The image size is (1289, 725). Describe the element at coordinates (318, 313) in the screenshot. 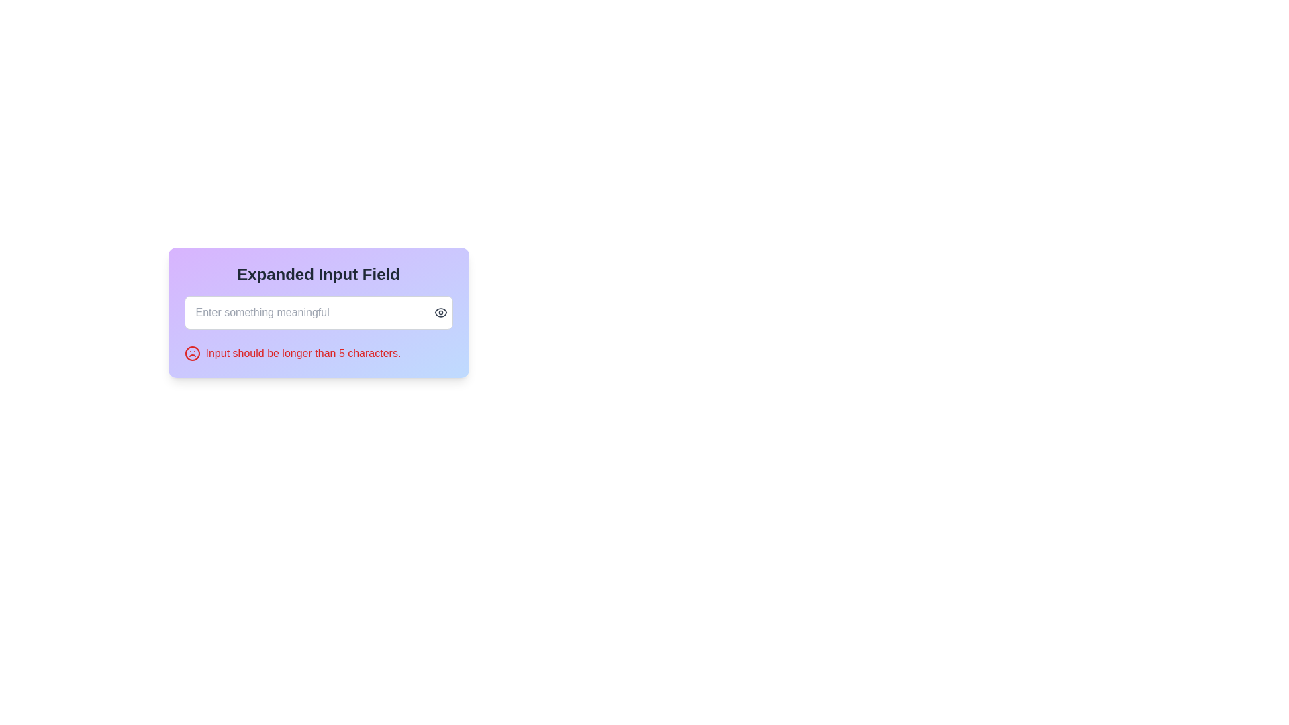

I see `to focus on the password input field styled with a rounded rectangular shape, located below the header 'Expanded Input Field'` at that location.